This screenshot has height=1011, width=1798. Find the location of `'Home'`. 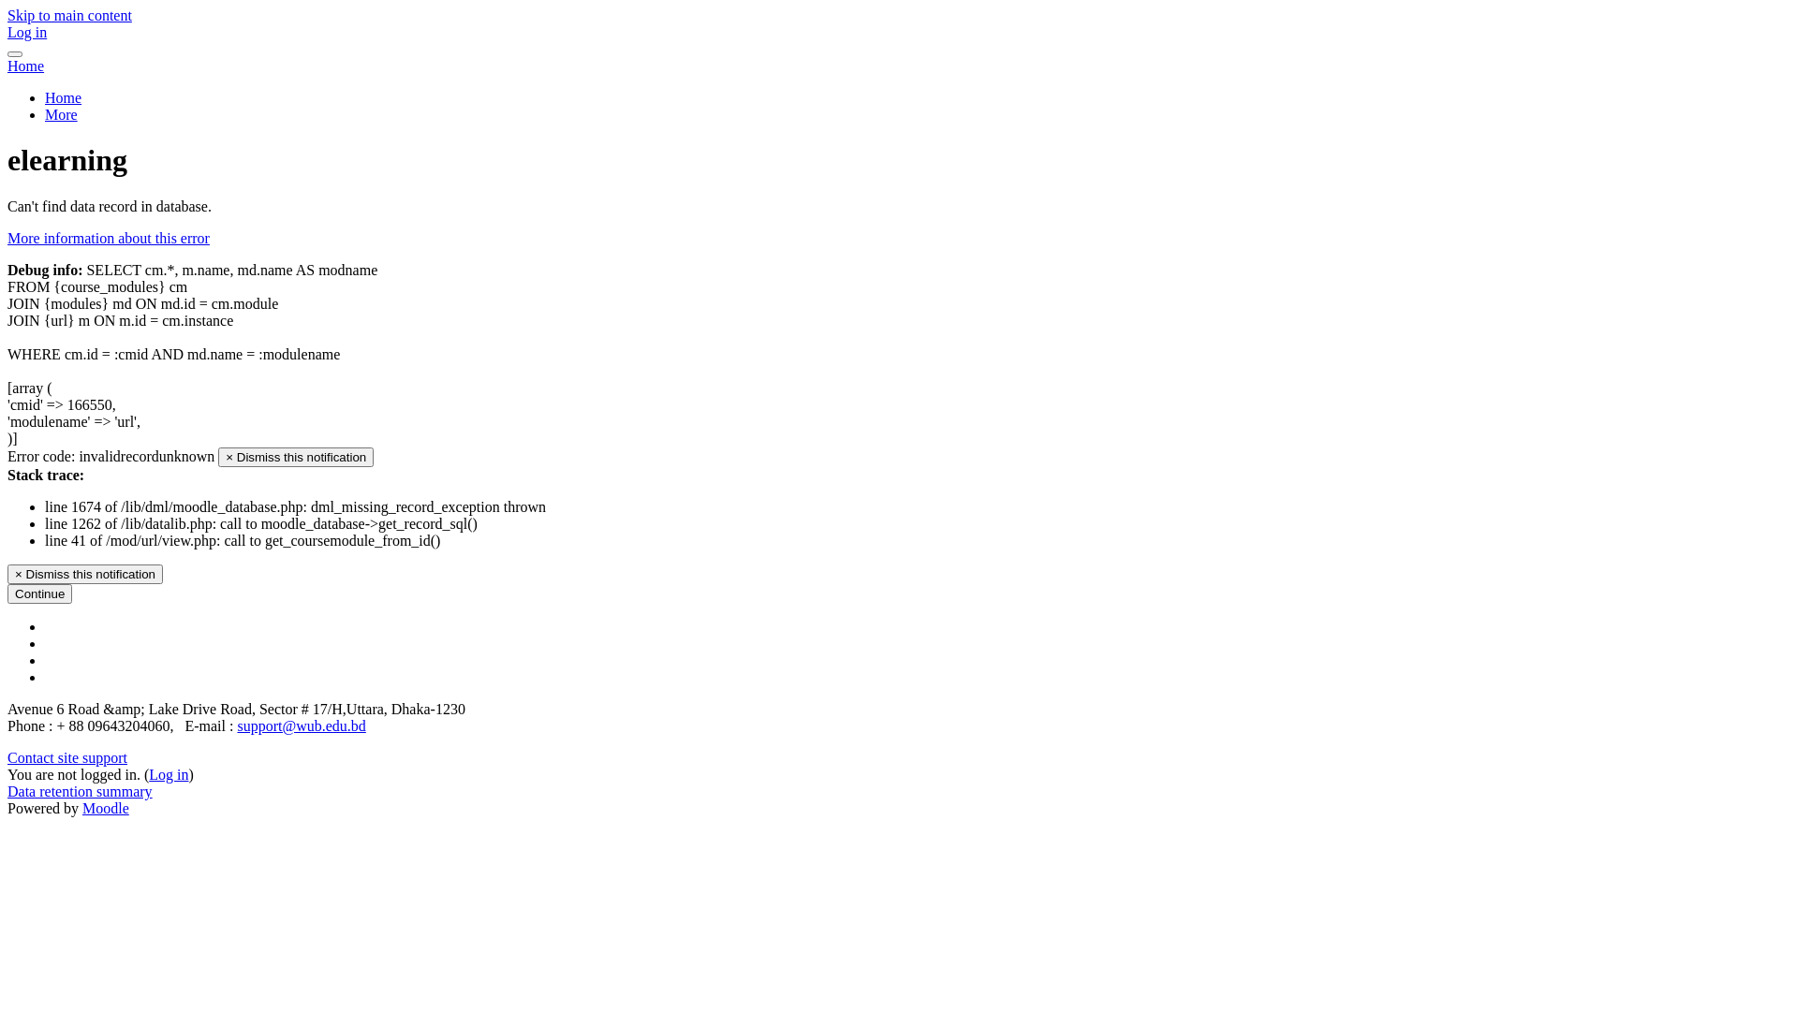

'Home' is located at coordinates (25, 65).